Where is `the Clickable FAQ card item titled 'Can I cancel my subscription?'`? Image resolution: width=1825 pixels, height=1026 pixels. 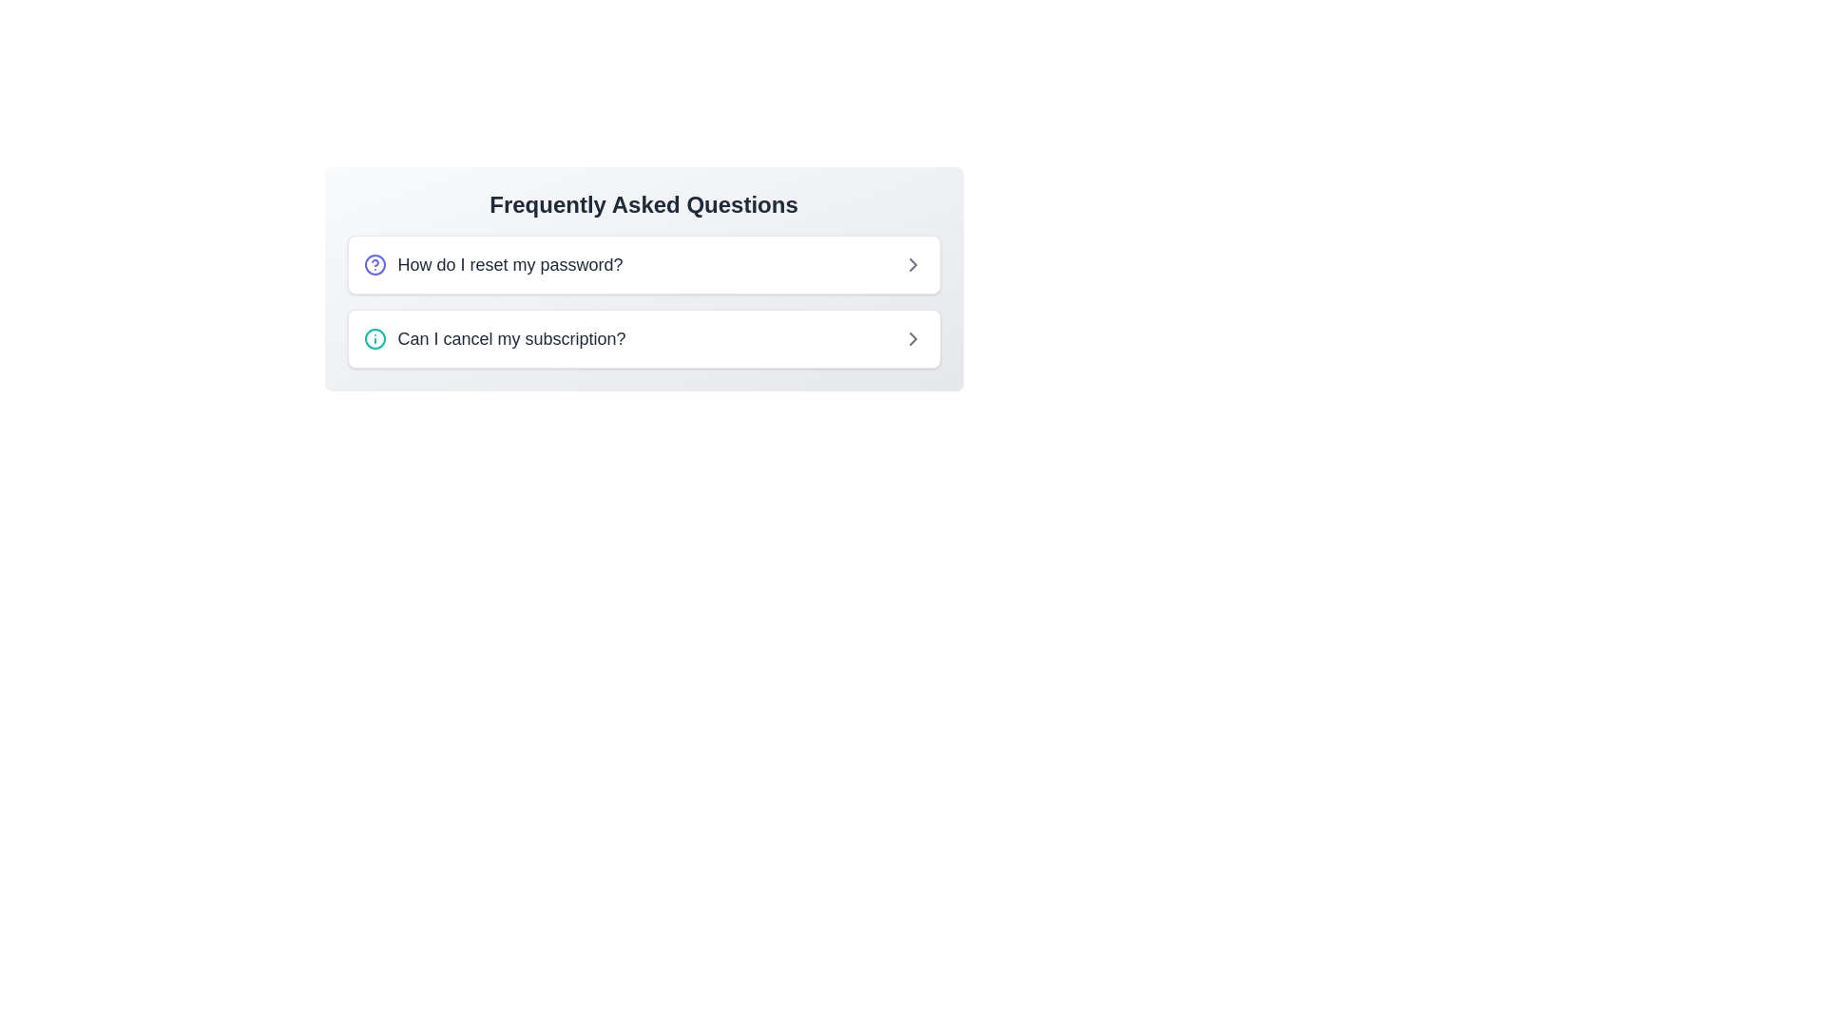 the Clickable FAQ card item titled 'Can I cancel my subscription?' is located at coordinates (644, 338).